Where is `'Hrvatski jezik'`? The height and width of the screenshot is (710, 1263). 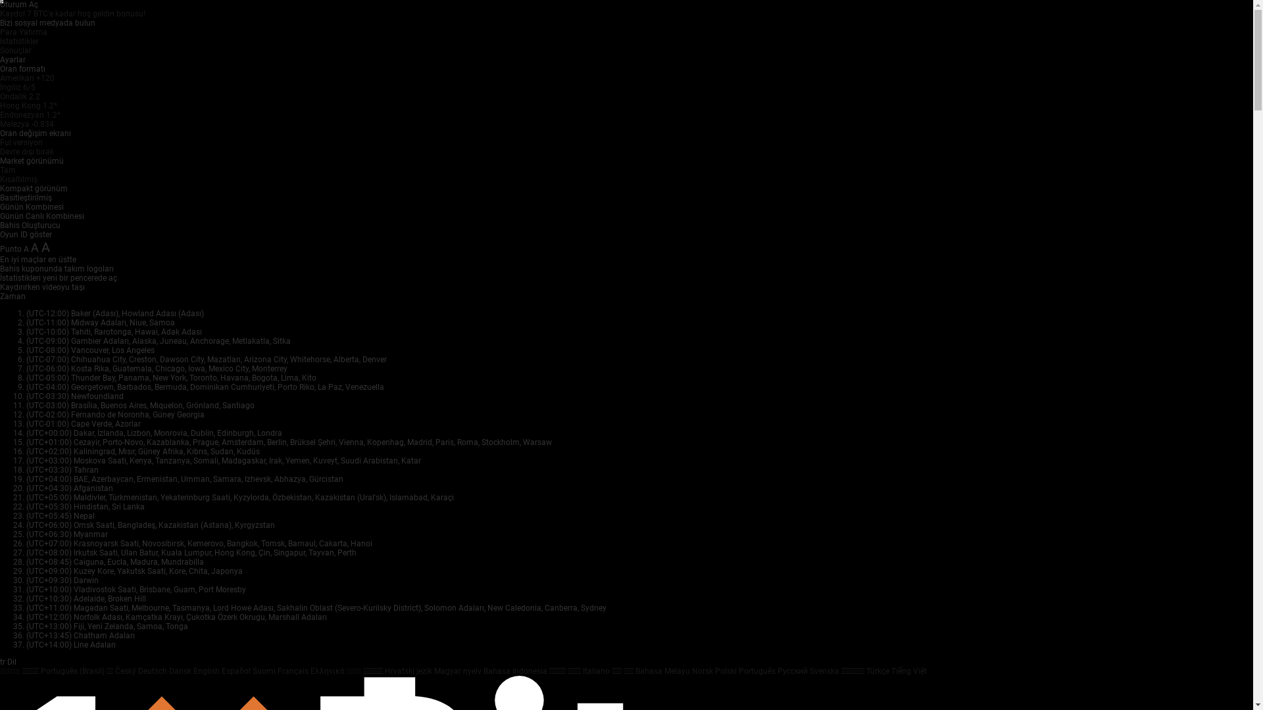
'Hrvatski jezik' is located at coordinates (409, 671).